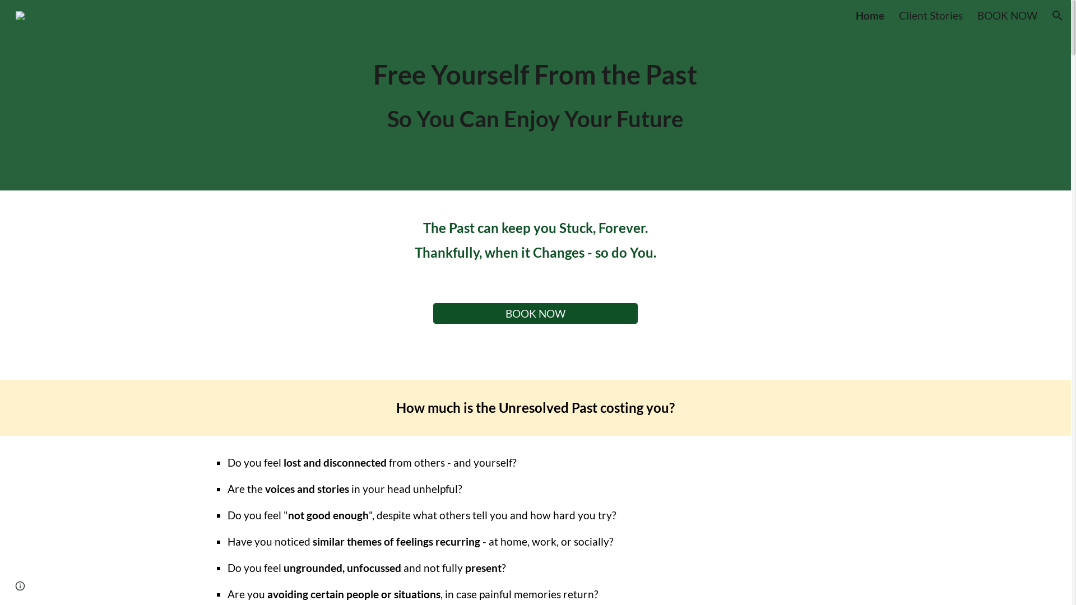 The image size is (1076, 605). Describe the element at coordinates (898, 15) in the screenshot. I see `'Client Stories'` at that location.